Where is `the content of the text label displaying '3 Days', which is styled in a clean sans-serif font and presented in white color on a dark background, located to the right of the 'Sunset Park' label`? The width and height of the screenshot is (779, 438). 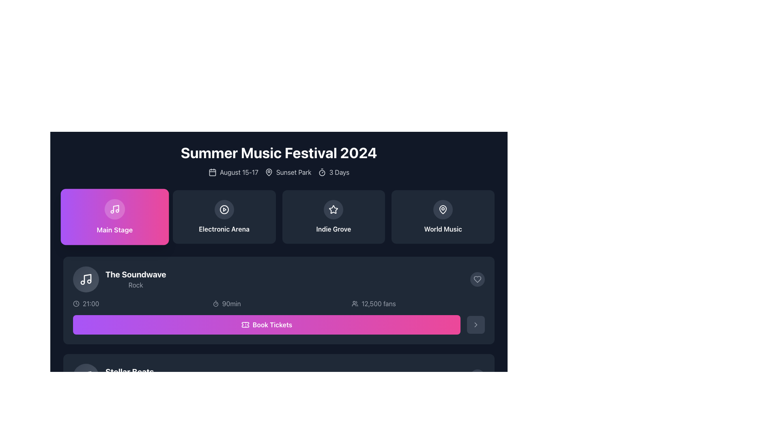
the content of the text label displaying '3 Days', which is styled in a clean sans-serif font and presented in white color on a dark background, located to the right of the 'Sunset Park' label is located at coordinates (339, 172).